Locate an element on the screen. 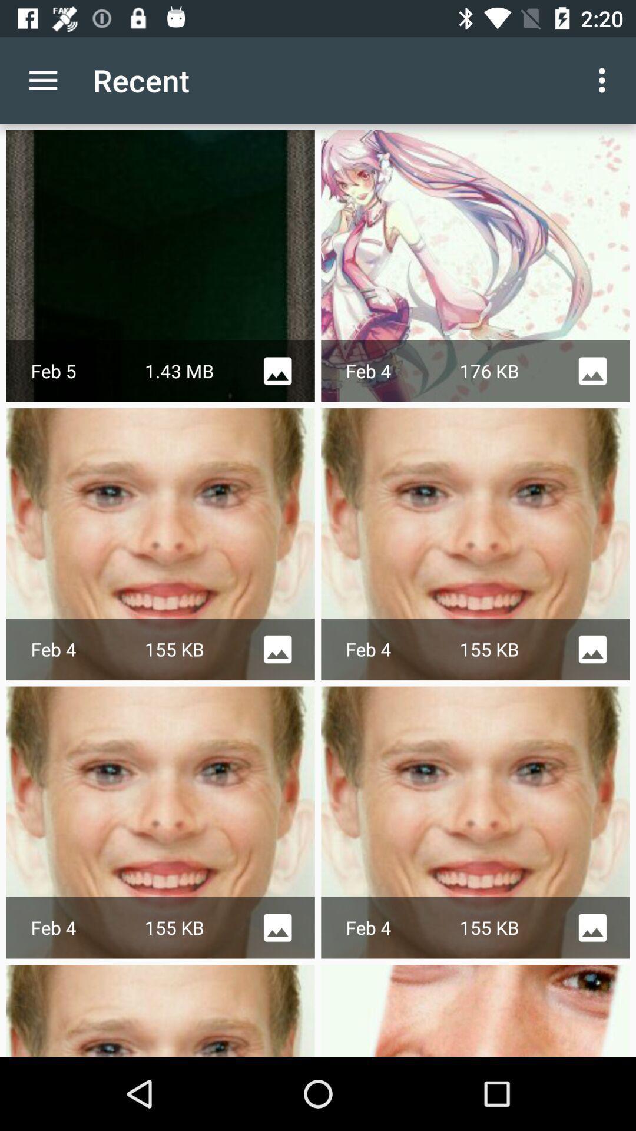 This screenshot has height=1131, width=636. item to the left of the recent app is located at coordinates (42, 80).